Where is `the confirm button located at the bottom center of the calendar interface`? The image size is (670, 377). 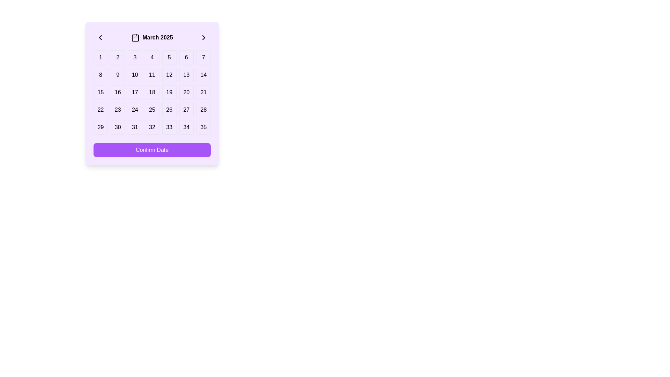 the confirm button located at the bottom center of the calendar interface is located at coordinates (152, 149).